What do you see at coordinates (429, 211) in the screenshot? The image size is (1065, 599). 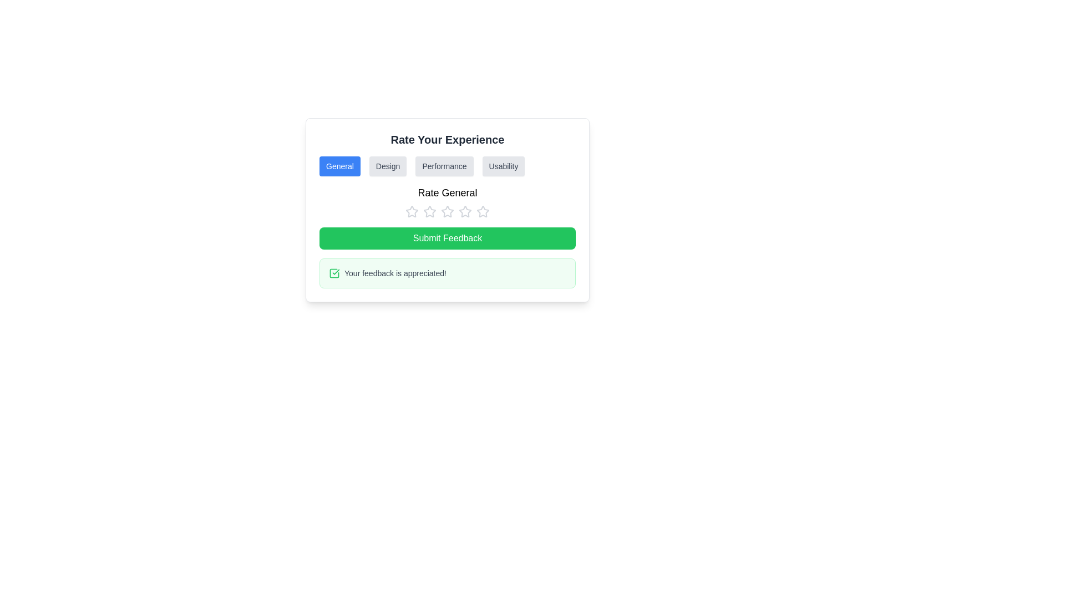 I see `the third star icon in the rating row` at bounding box center [429, 211].